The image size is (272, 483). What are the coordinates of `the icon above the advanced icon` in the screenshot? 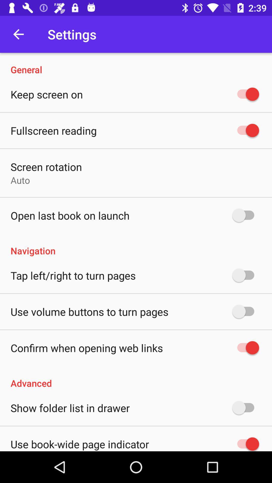 It's located at (86, 347).